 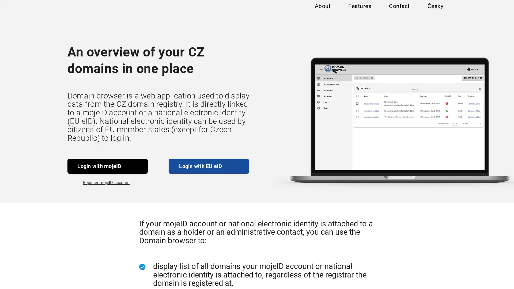 I want to click on Contact, so click(x=399, y=11).